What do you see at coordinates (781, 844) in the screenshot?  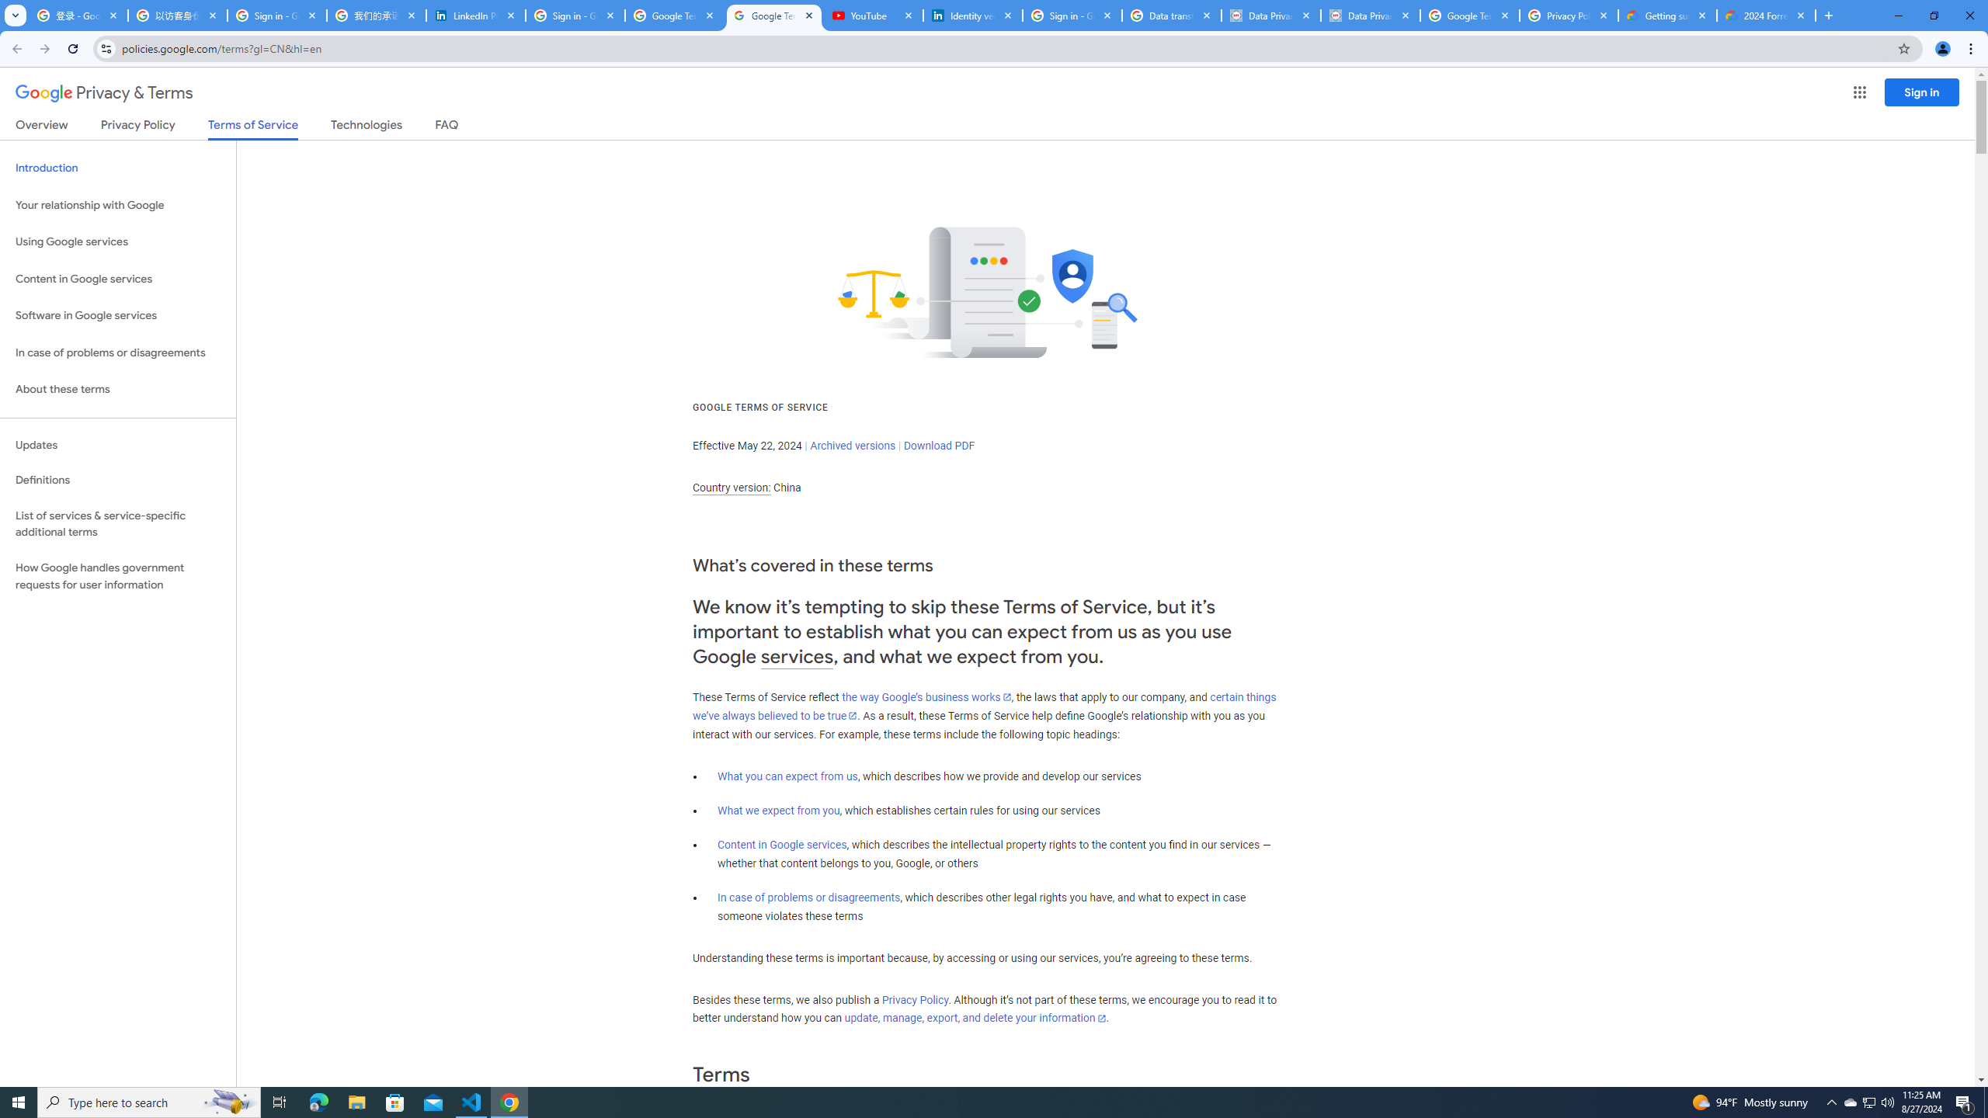 I see `'Content in Google services'` at bounding box center [781, 844].